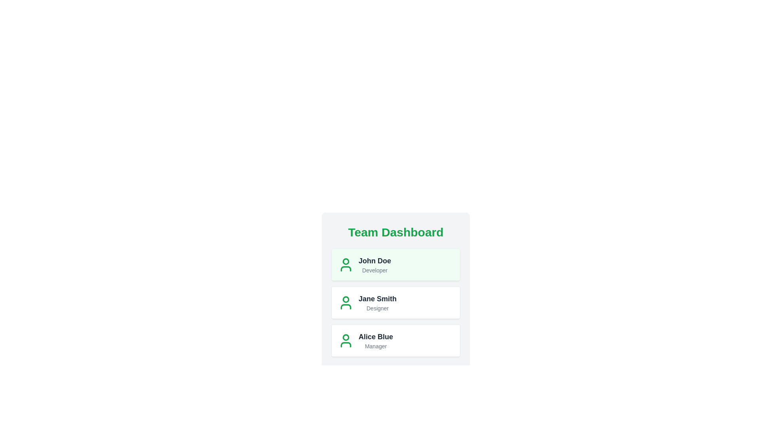  Describe the element at coordinates (346, 261) in the screenshot. I see `the small circular SVG element with a green border representing the head area of the user icon for 'John Doe' in the 'Team Dashboard' interface` at that location.